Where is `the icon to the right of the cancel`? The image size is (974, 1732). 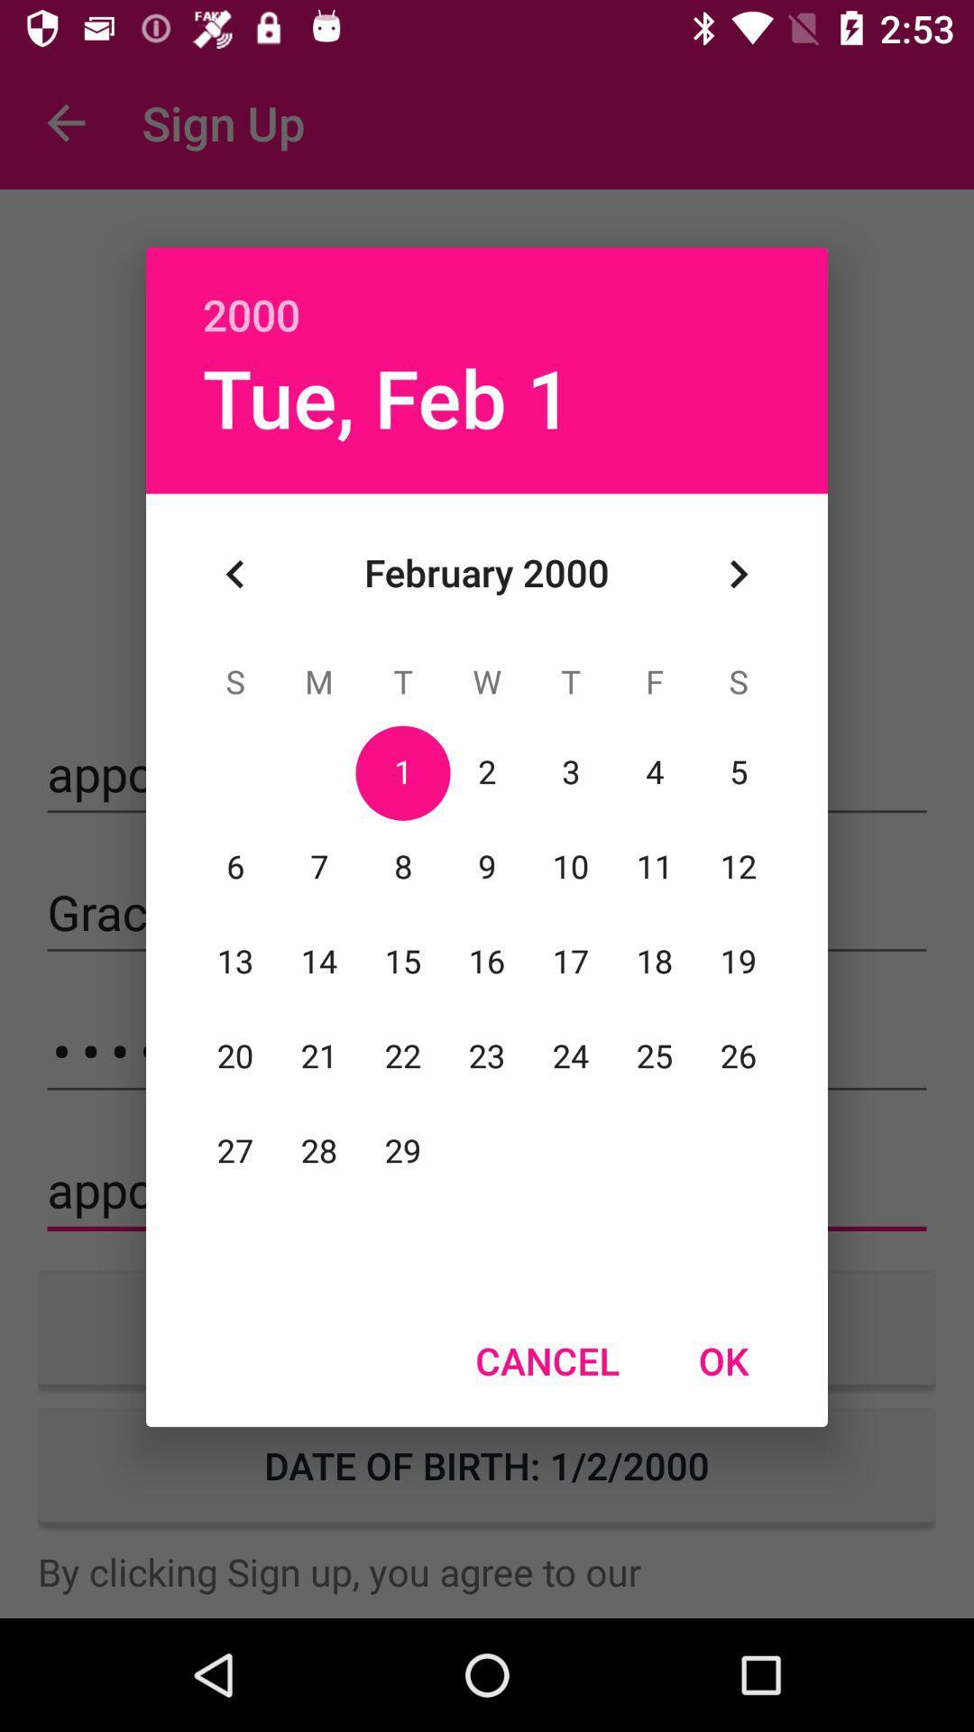
the icon to the right of the cancel is located at coordinates (722, 1360).